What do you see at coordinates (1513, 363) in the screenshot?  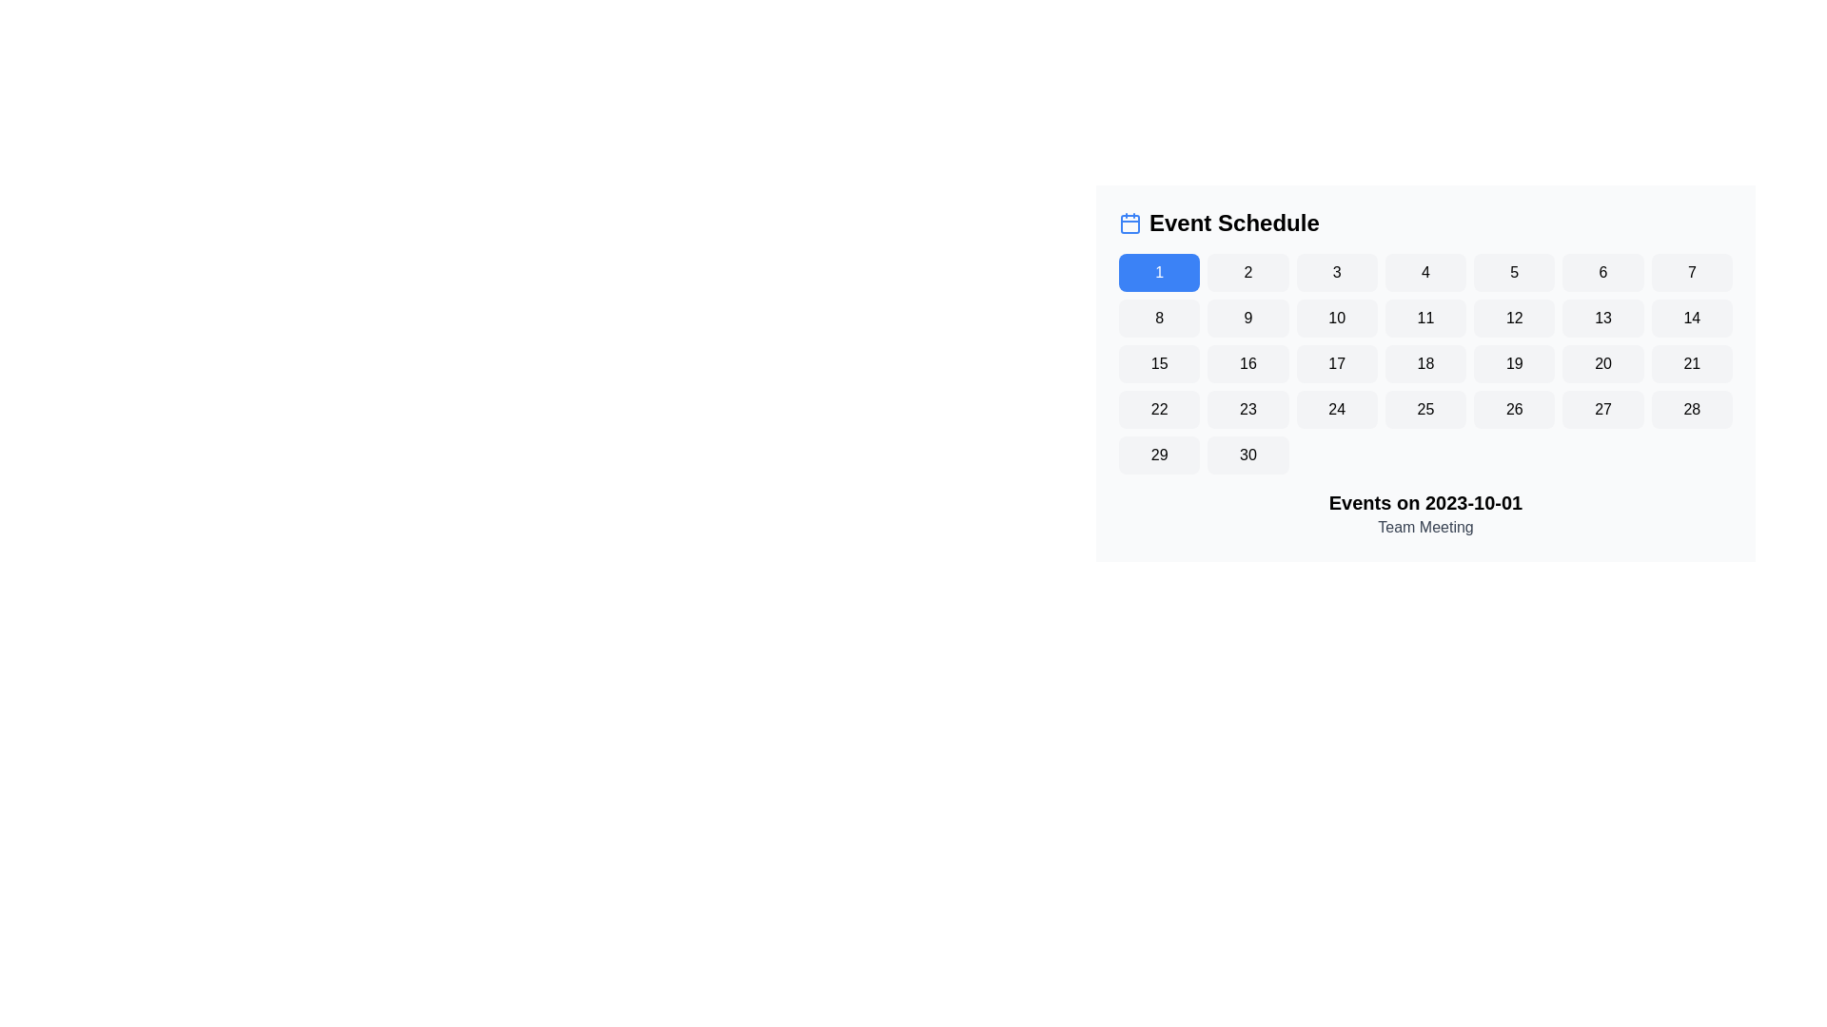 I see `the button displaying the number '19' with a grayish background and black text, located in the third row and fifth column of the grid layout` at bounding box center [1513, 363].